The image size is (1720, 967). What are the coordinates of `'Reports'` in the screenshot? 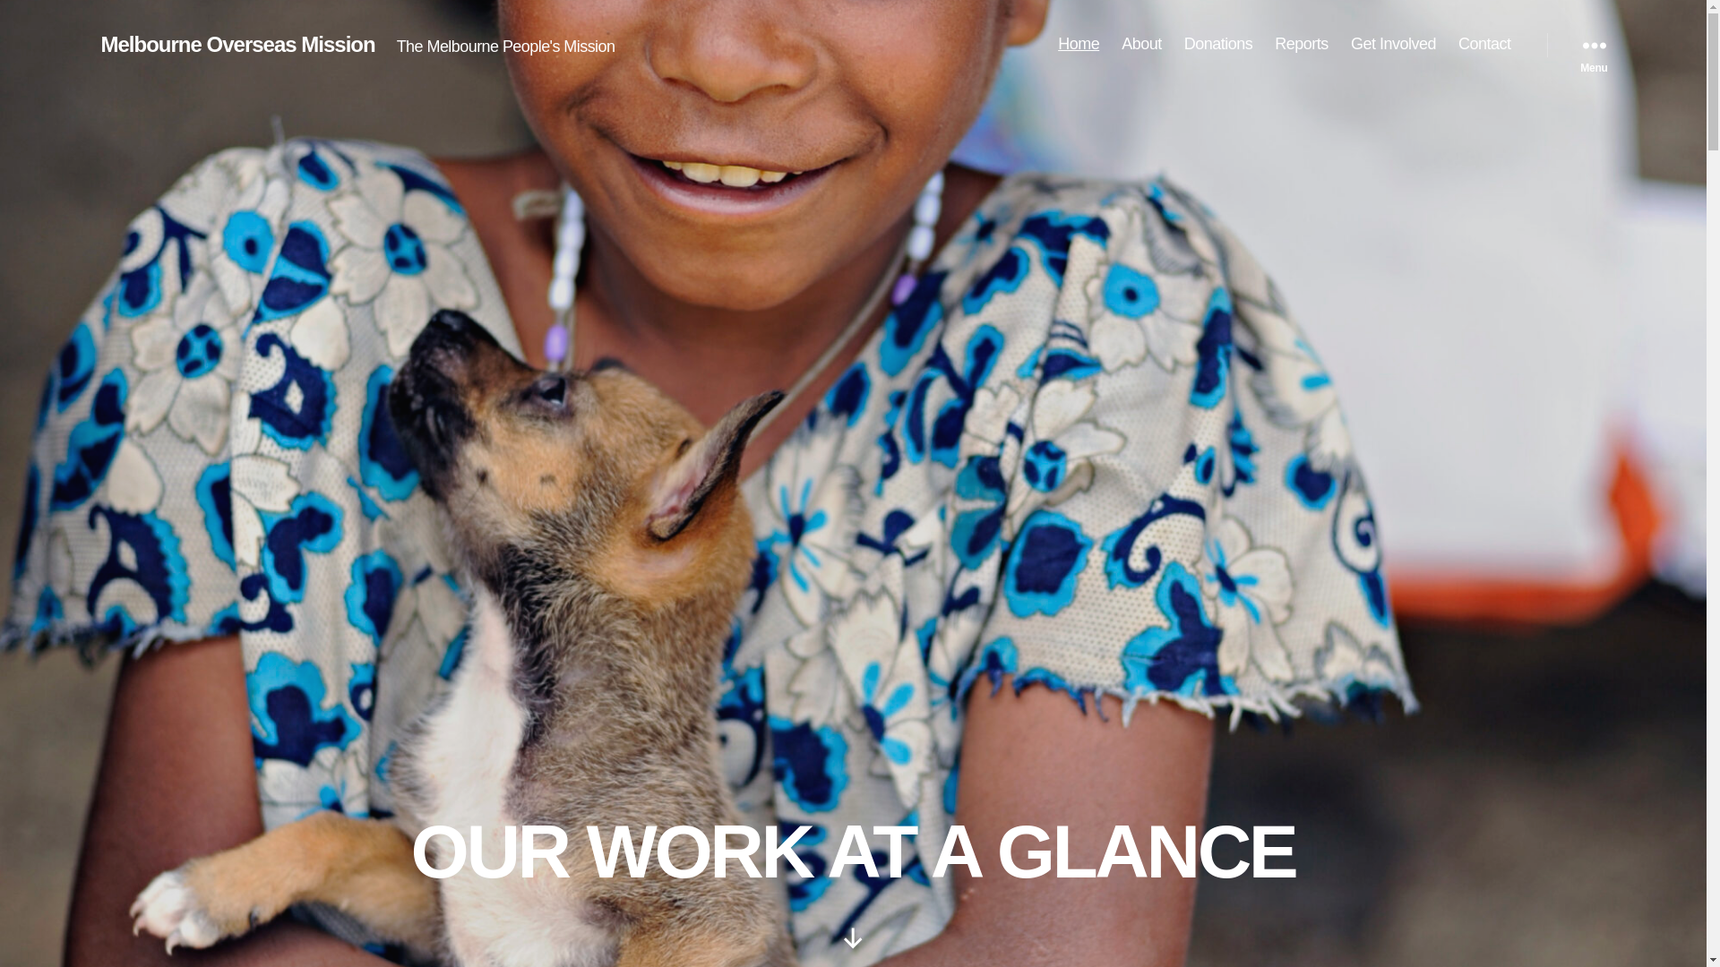 It's located at (1302, 44).